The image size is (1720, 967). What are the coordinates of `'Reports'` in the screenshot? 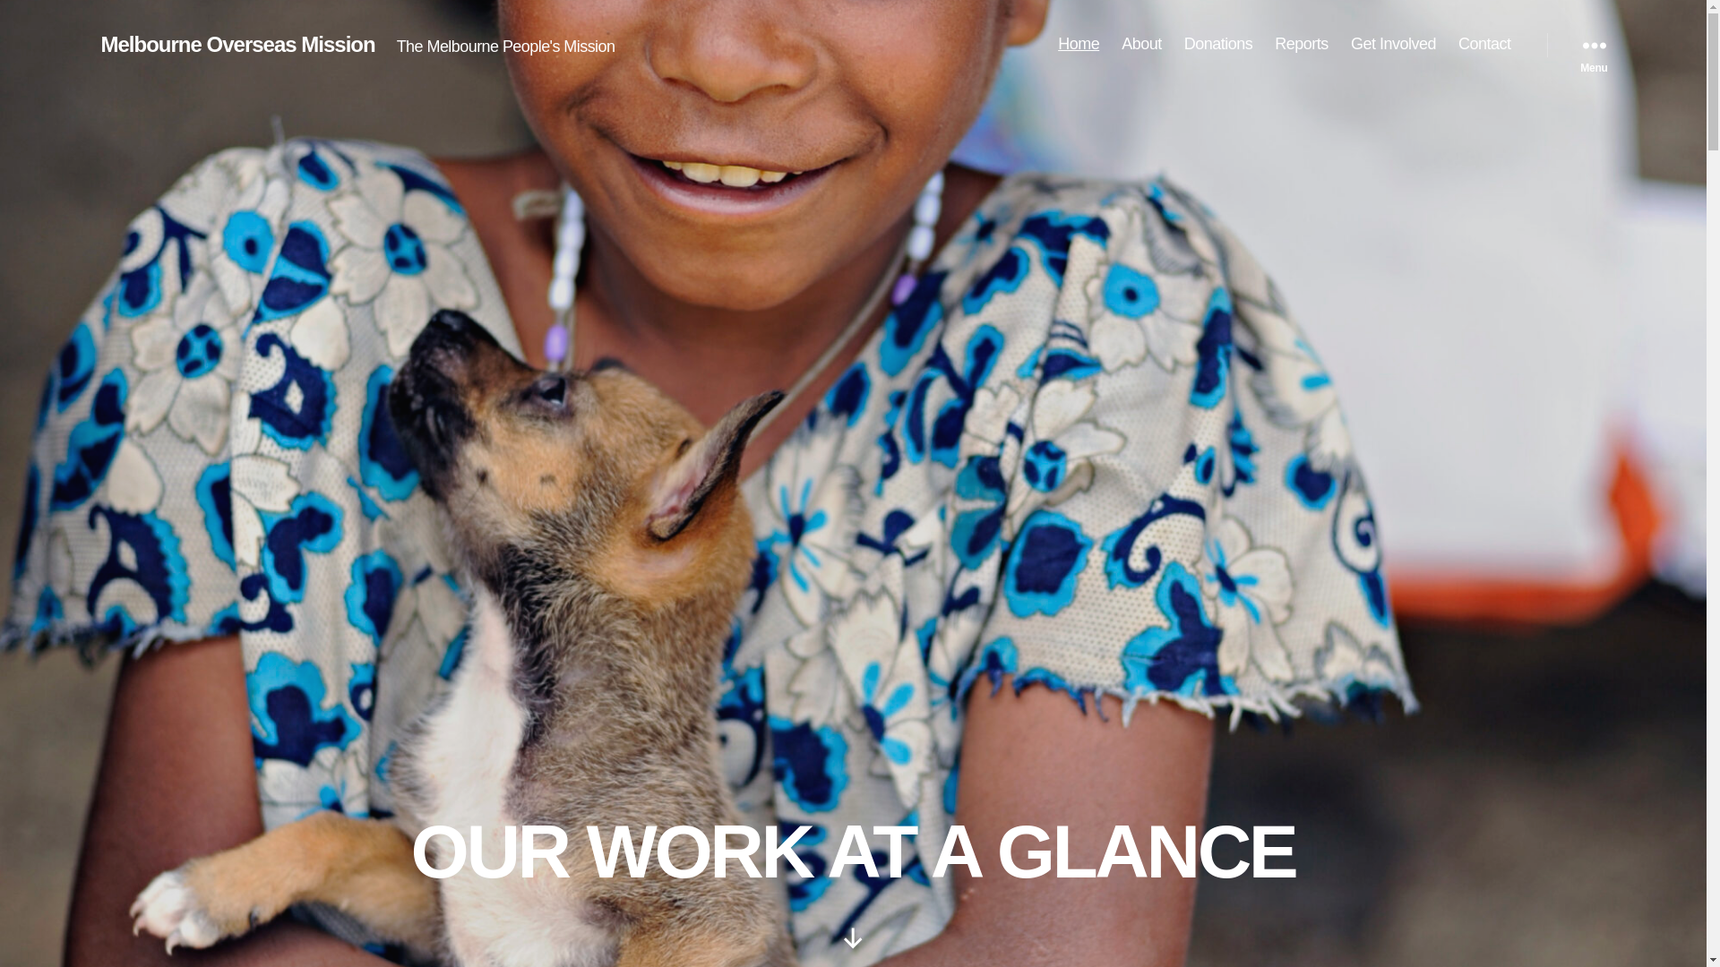 It's located at (1302, 44).